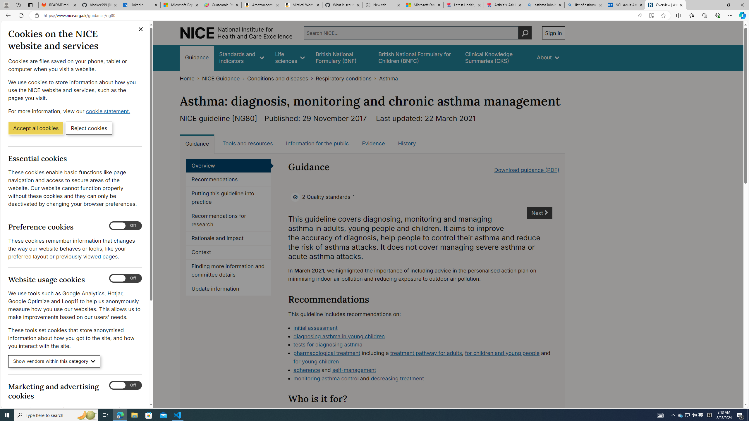 The width and height of the screenshot is (749, 421). I want to click on 'Download guidance (PDF)', so click(526, 170).